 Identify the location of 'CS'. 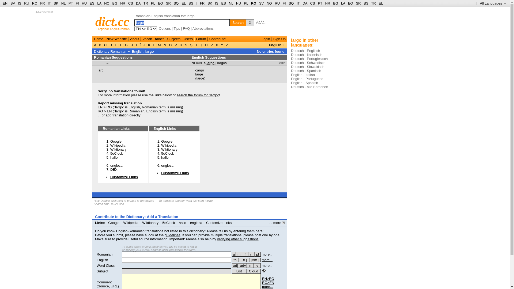
(131, 3).